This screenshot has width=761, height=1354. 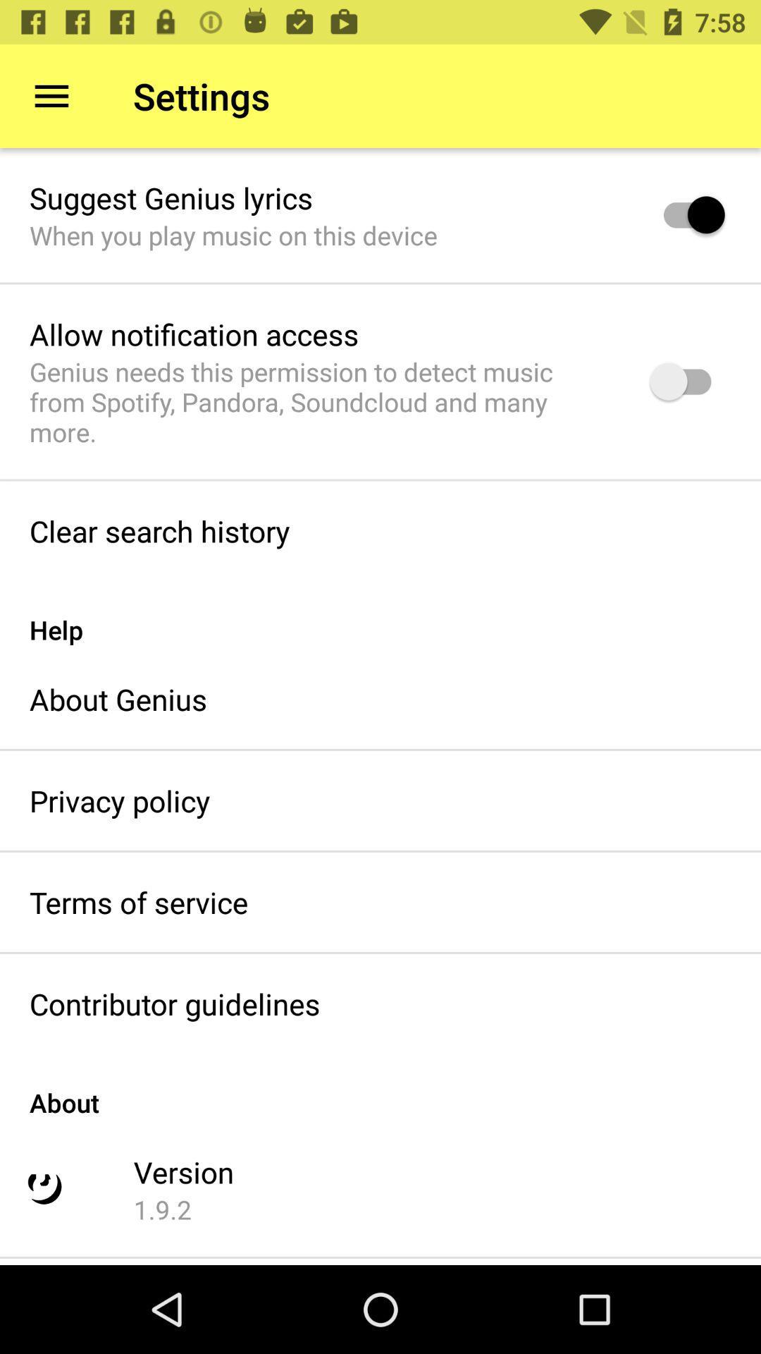 I want to click on icon at the top, so click(x=321, y=401).